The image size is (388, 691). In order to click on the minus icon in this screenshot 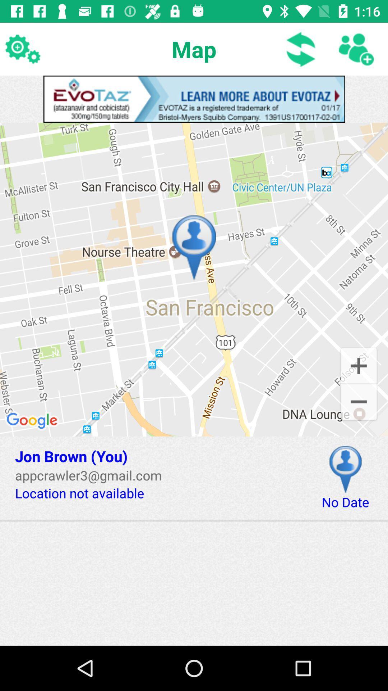, I will do `click(359, 402)`.